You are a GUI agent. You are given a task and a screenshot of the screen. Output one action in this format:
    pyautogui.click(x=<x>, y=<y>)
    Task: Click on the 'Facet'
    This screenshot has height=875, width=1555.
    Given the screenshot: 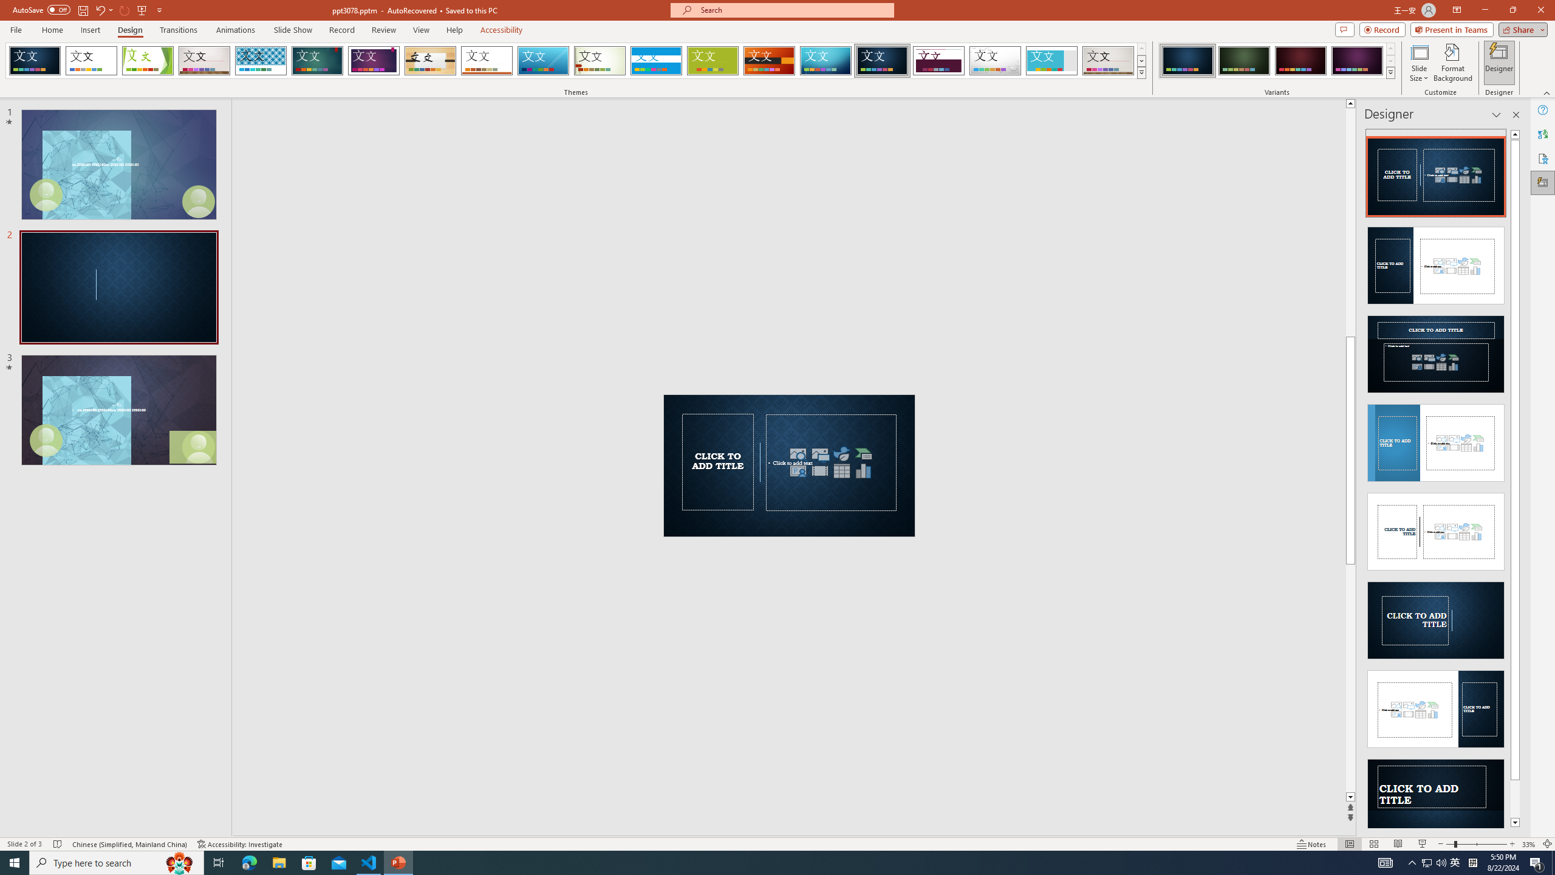 What is the action you would take?
    pyautogui.click(x=147, y=60)
    